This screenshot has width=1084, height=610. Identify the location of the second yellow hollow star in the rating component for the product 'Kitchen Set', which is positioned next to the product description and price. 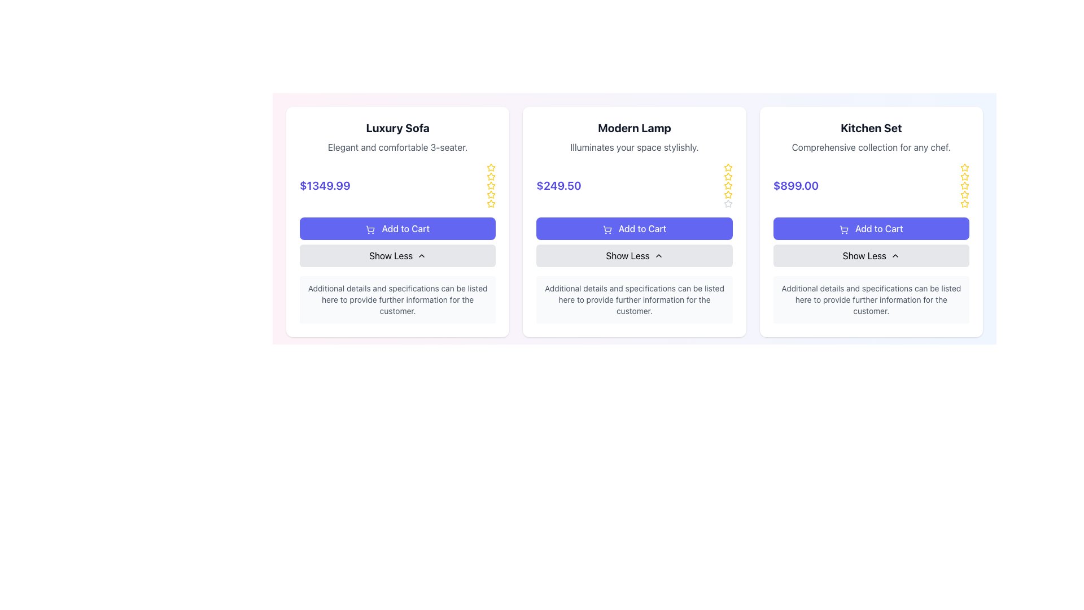
(964, 185).